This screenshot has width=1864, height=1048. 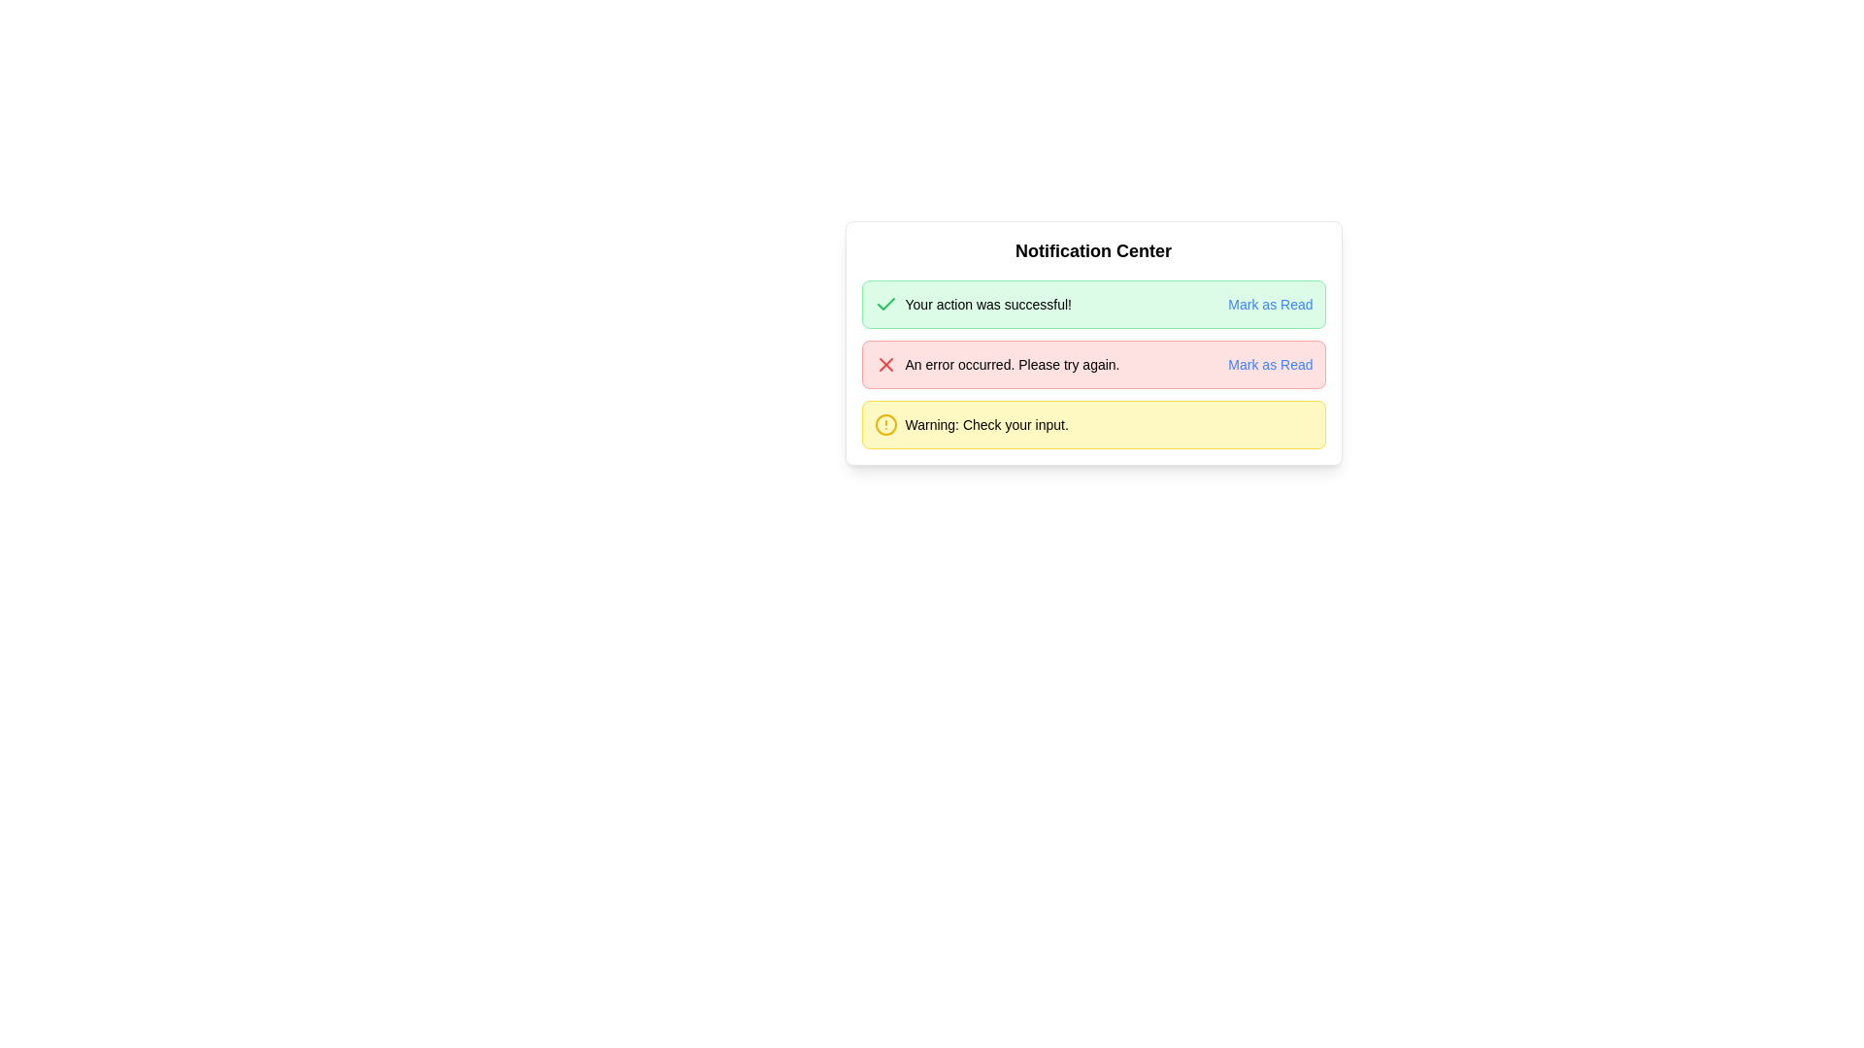 I want to click on the checkmark icon in the notification panel that indicates a success message, which is styled in bold green and is positioned to the left of the text 'Your action was successful!', so click(x=884, y=304).